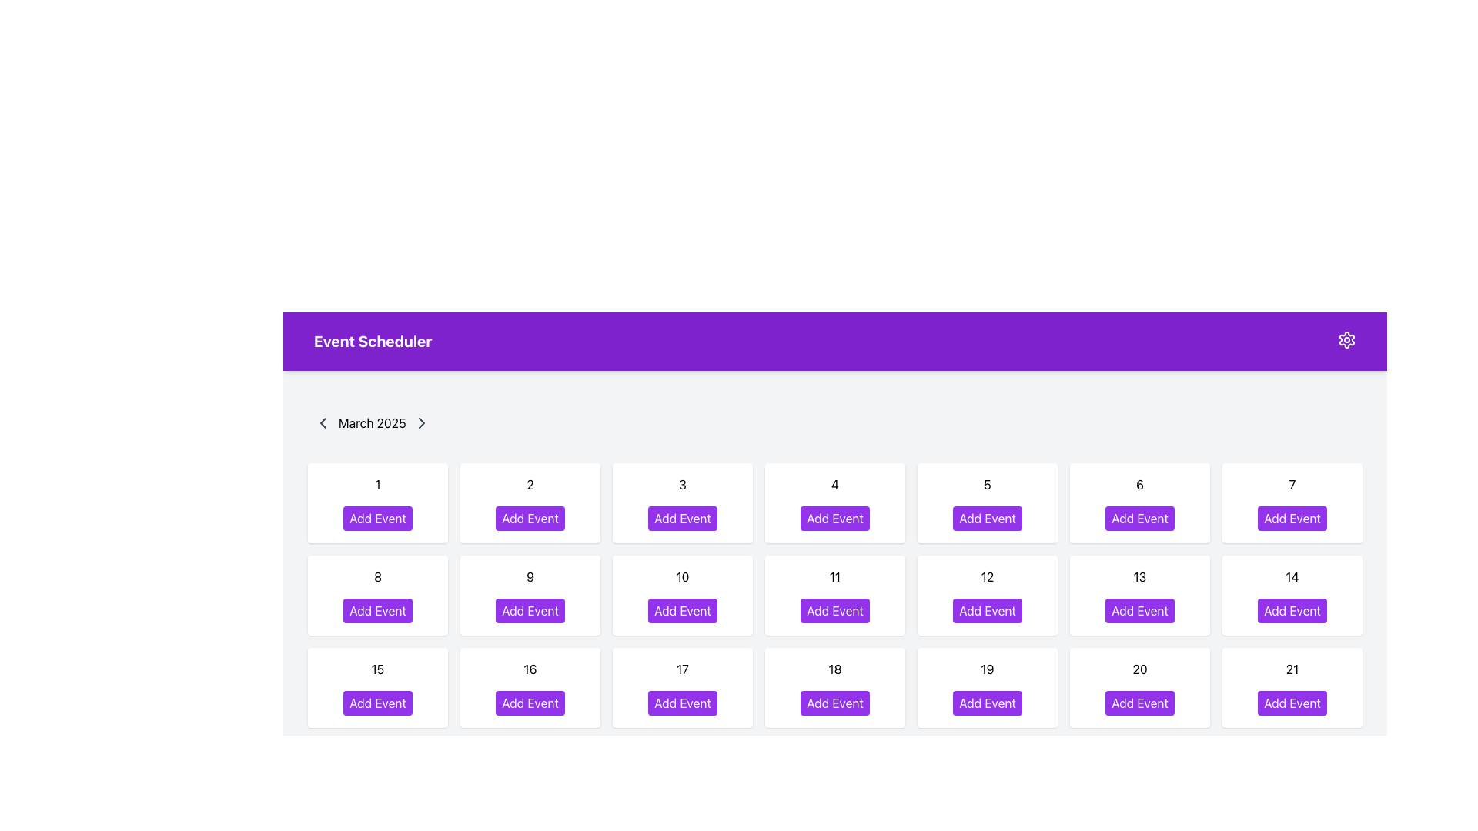  Describe the element at coordinates (530, 519) in the screenshot. I see `the 'Add Event' button with a purple background located in the card for March 2, 2025` at that location.